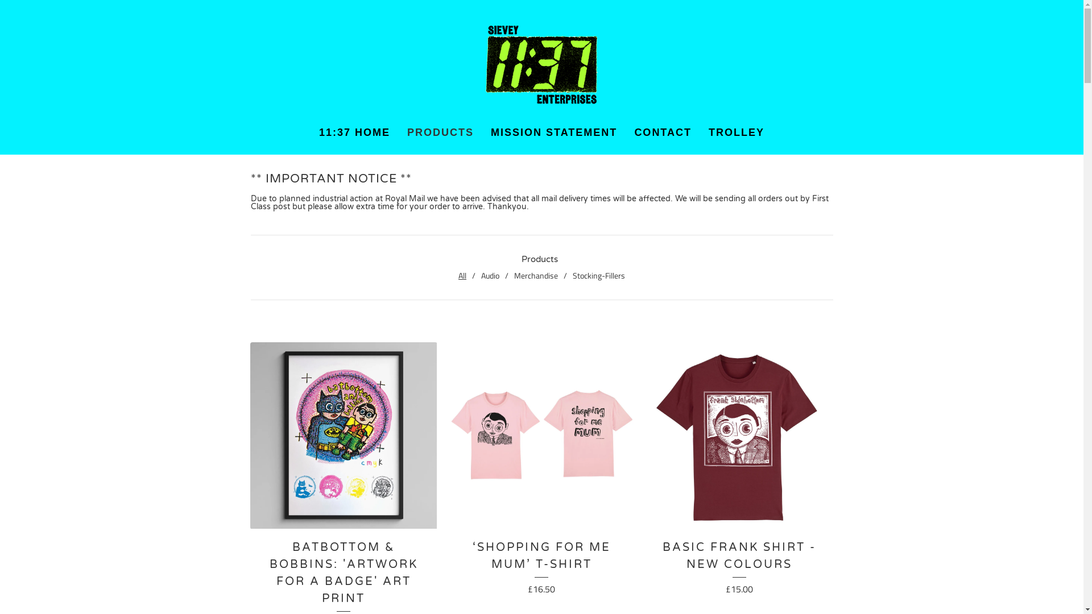  I want to click on 'Stocking-Fillers', so click(598, 275).